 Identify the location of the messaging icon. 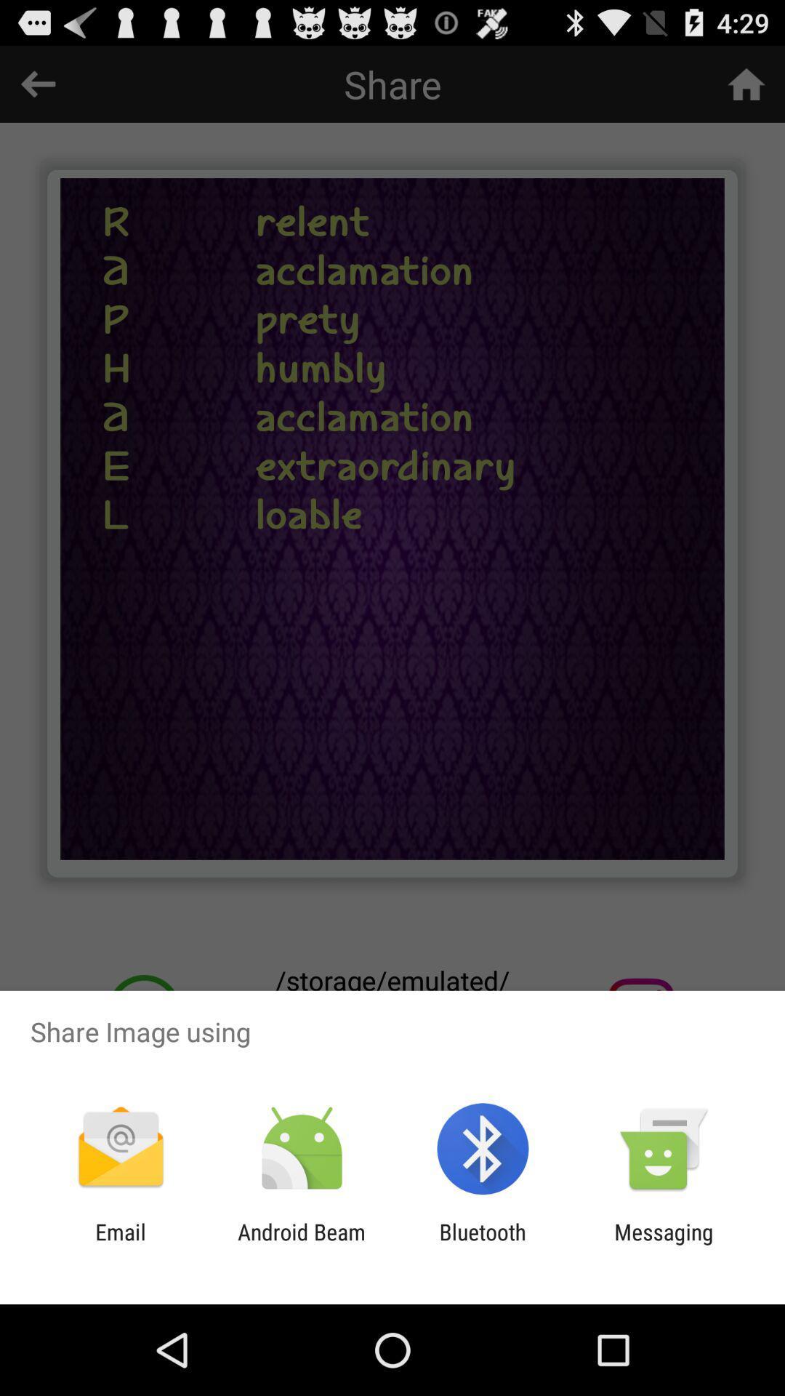
(664, 1244).